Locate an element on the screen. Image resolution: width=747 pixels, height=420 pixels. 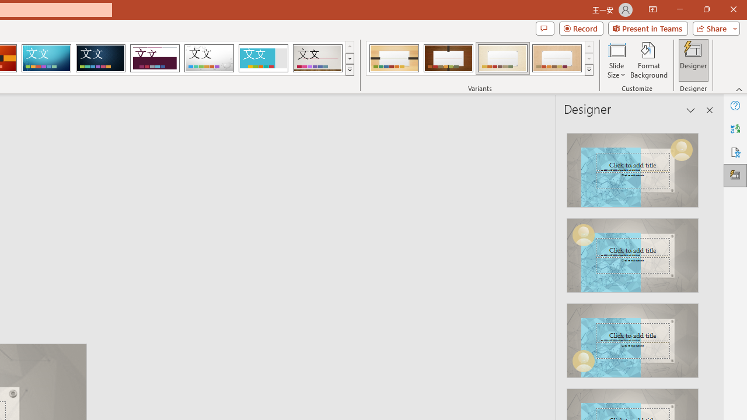
'Organic Variant 4' is located at coordinates (556, 58).